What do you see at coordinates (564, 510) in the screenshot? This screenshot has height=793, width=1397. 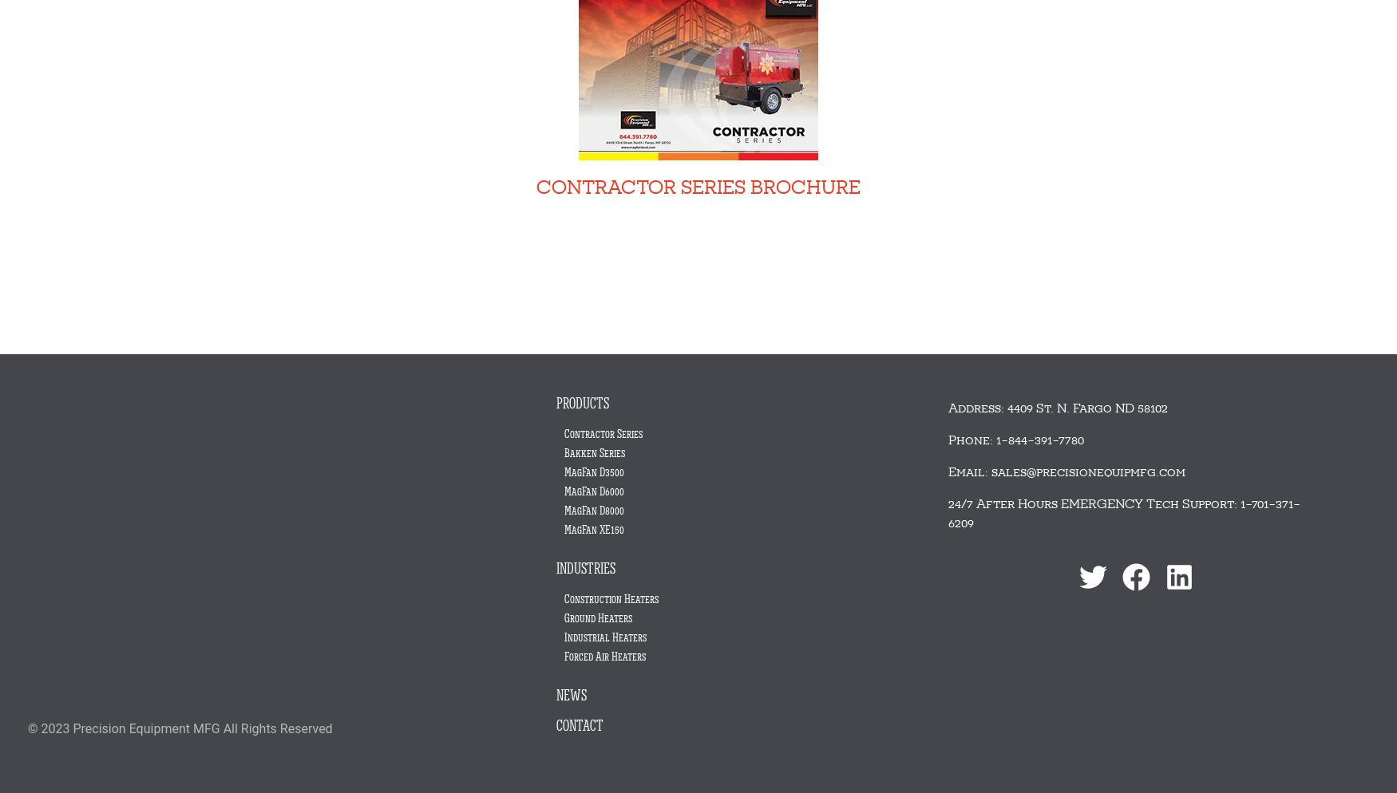 I see `'MagFan D8000'` at bounding box center [564, 510].